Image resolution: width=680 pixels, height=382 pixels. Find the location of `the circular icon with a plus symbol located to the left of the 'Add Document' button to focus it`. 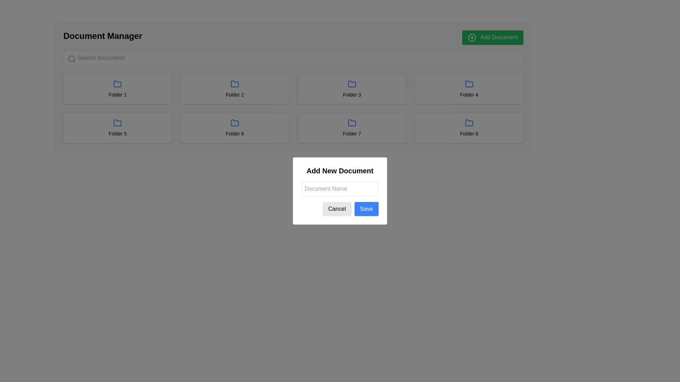

the circular icon with a plus symbol located to the left of the 'Add Document' button to focus it is located at coordinates (472, 37).